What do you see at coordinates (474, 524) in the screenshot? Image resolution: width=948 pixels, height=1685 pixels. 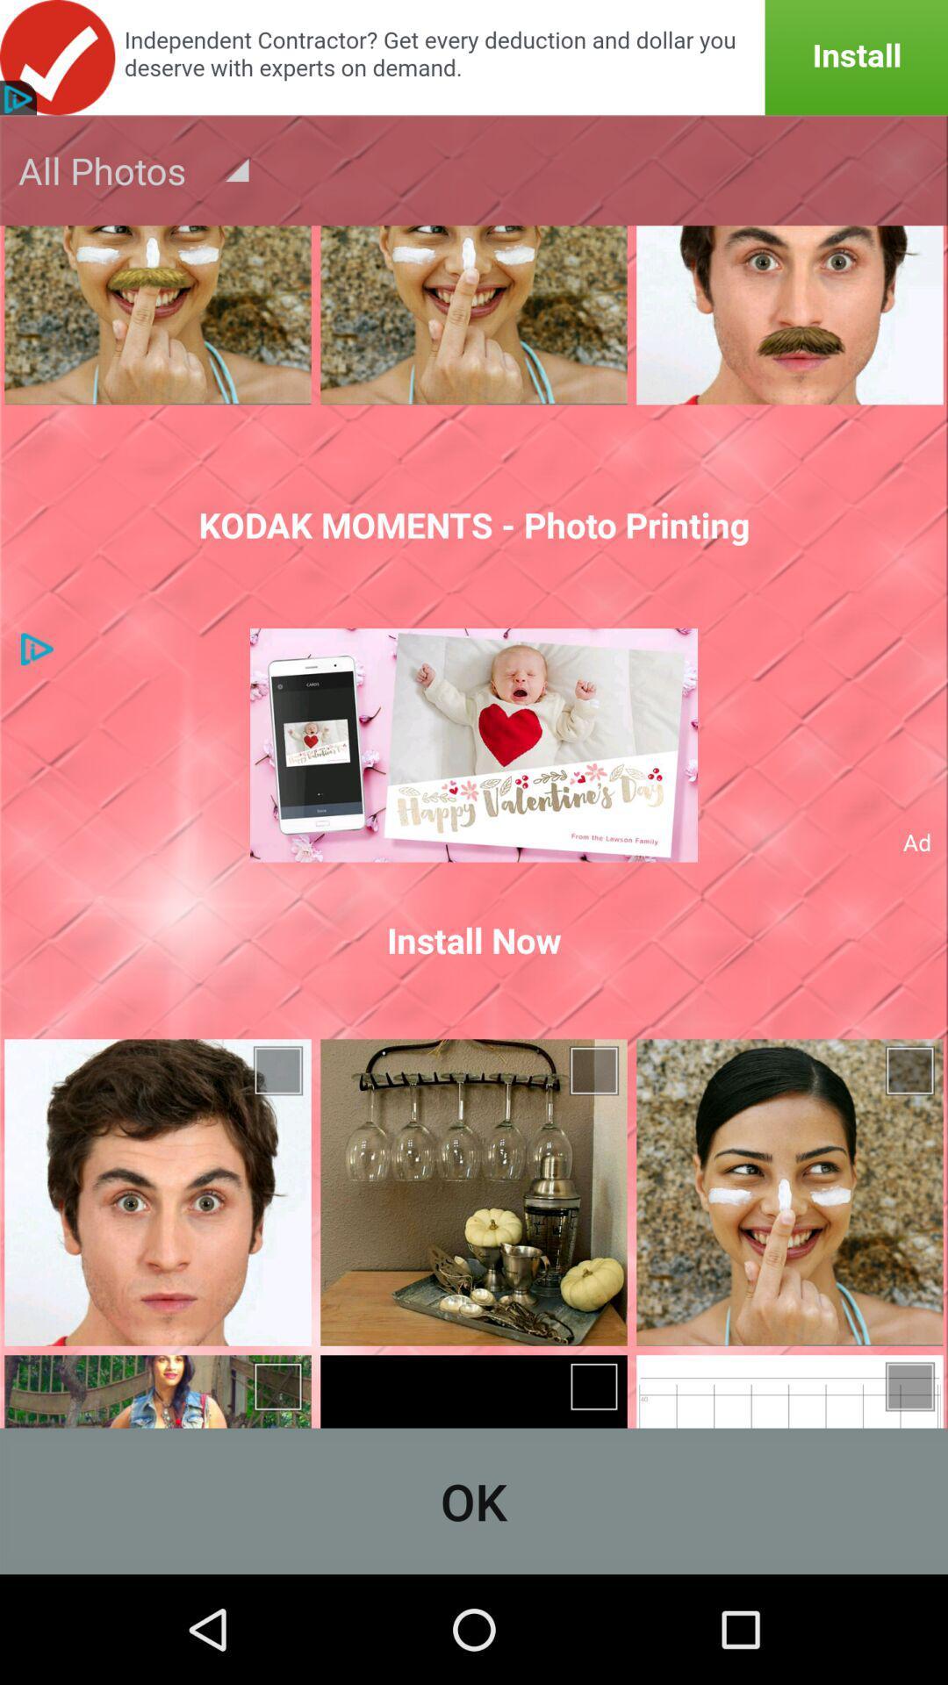 I see `kodak moments photo icon` at bounding box center [474, 524].